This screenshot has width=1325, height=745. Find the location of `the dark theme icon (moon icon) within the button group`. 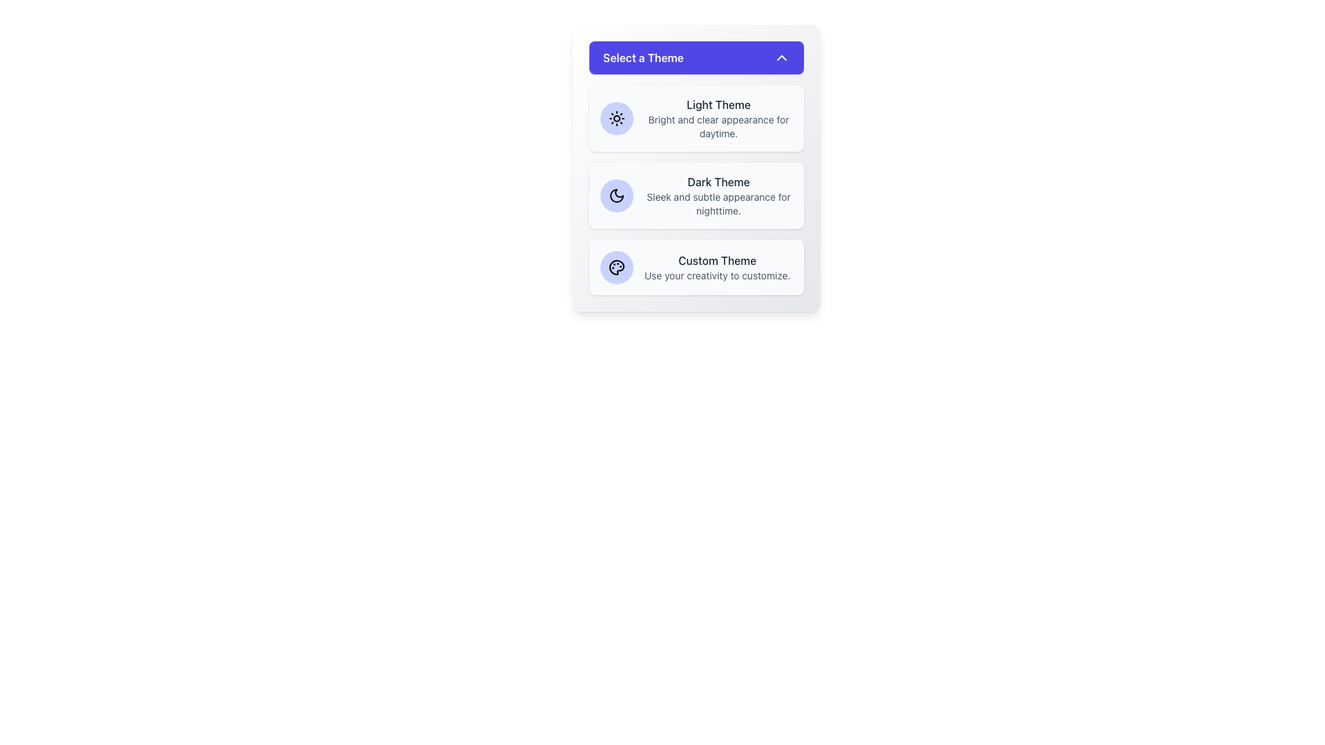

the dark theme icon (moon icon) within the button group is located at coordinates (616, 196).